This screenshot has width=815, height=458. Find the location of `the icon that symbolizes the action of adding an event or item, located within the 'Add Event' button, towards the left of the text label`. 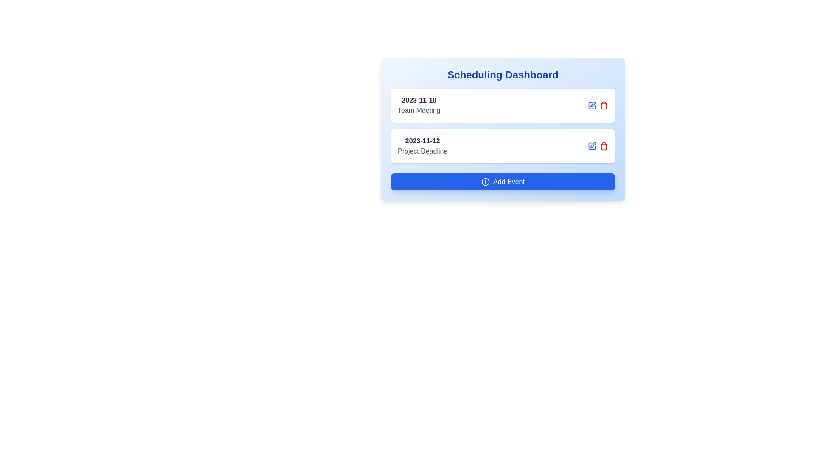

the icon that symbolizes the action of adding an event or item, located within the 'Add Event' button, towards the left of the text label is located at coordinates (486, 181).